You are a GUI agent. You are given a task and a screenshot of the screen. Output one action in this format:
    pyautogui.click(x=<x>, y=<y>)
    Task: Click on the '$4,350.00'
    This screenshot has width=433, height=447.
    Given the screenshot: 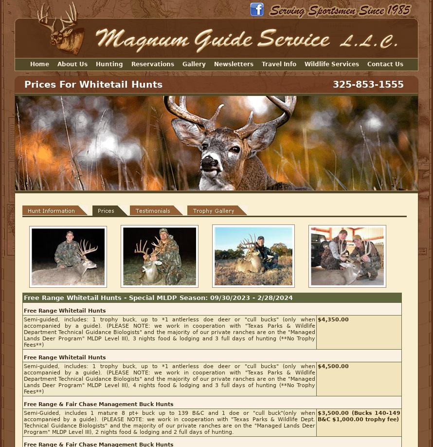 What is the action you would take?
    pyautogui.click(x=333, y=319)
    